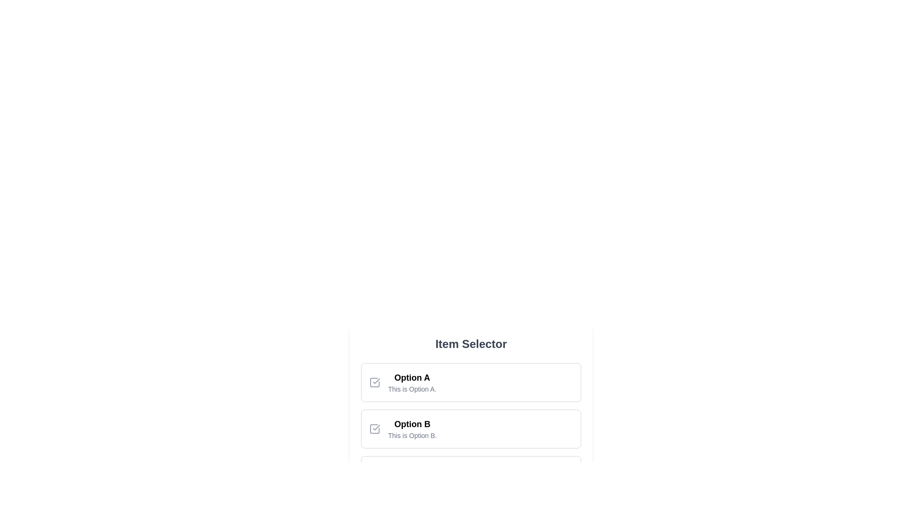 The height and width of the screenshot is (512, 911). What do you see at coordinates (412, 377) in the screenshot?
I see `text label displaying 'Option A', which is the first selectable item in the 'Item Selector' section` at bounding box center [412, 377].